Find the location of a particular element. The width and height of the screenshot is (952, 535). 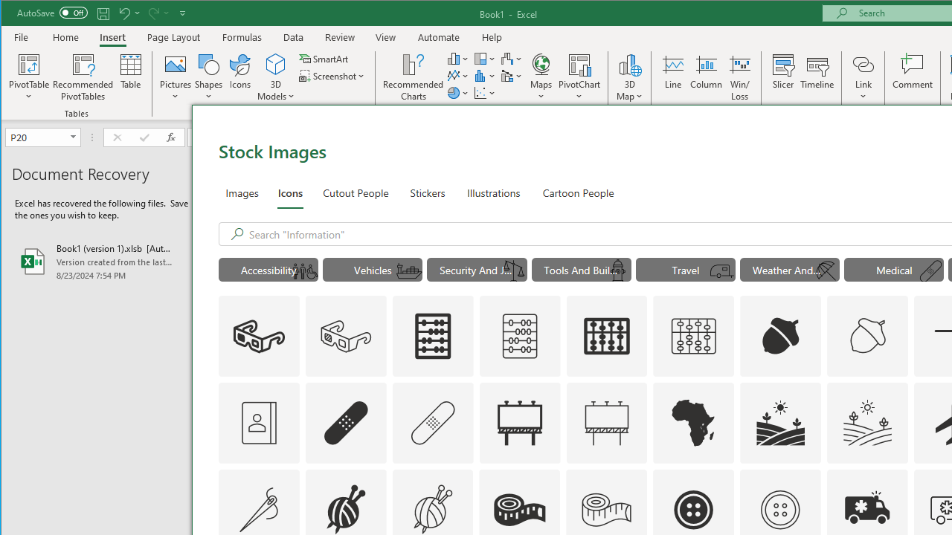

'AutomationID: Icons_Agriculture_M' is located at coordinates (868, 422).